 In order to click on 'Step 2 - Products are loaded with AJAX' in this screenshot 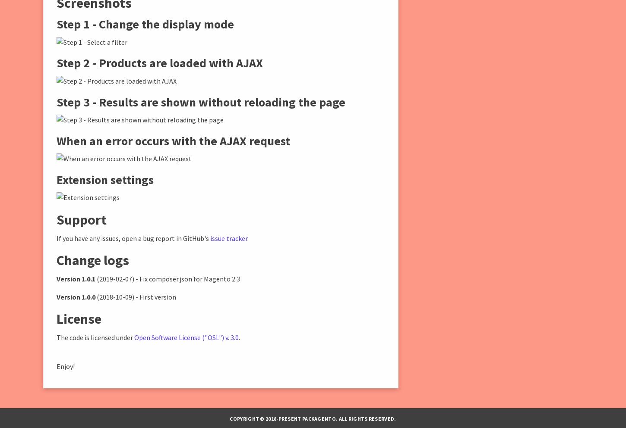, I will do `click(159, 62)`.